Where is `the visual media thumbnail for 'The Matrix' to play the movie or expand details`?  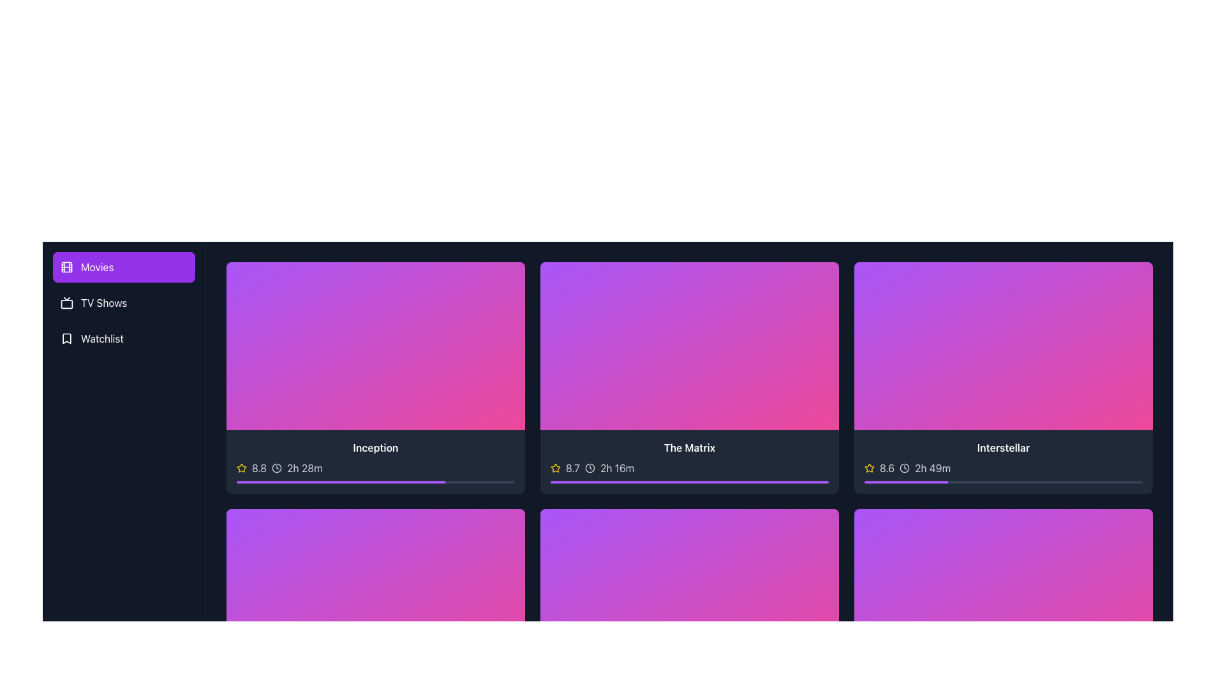
the visual media thumbnail for 'The Matrix' to play the movie or expand details is located at coordinates (688, 346).